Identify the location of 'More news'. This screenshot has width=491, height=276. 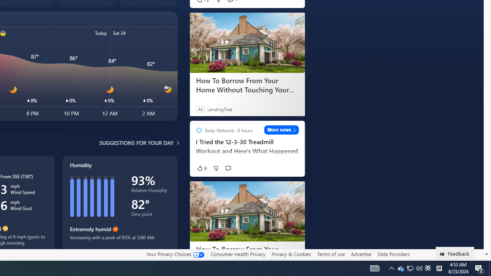
(281, 130).